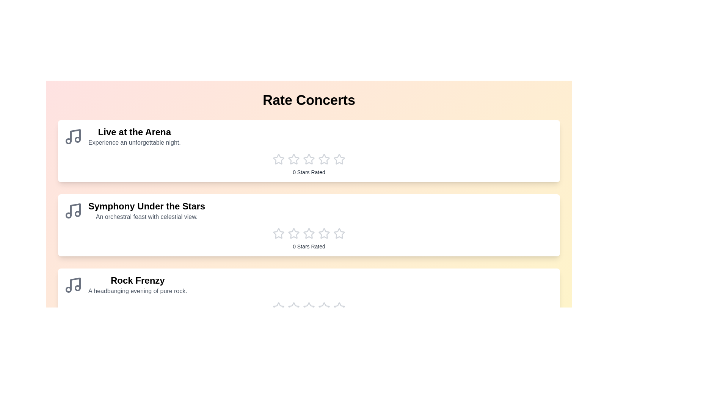 This screenshot has height=409, width=728. I want to click on the star corresponding to the rating 4 for the concert Rock Frenzy, so click(324, 308).